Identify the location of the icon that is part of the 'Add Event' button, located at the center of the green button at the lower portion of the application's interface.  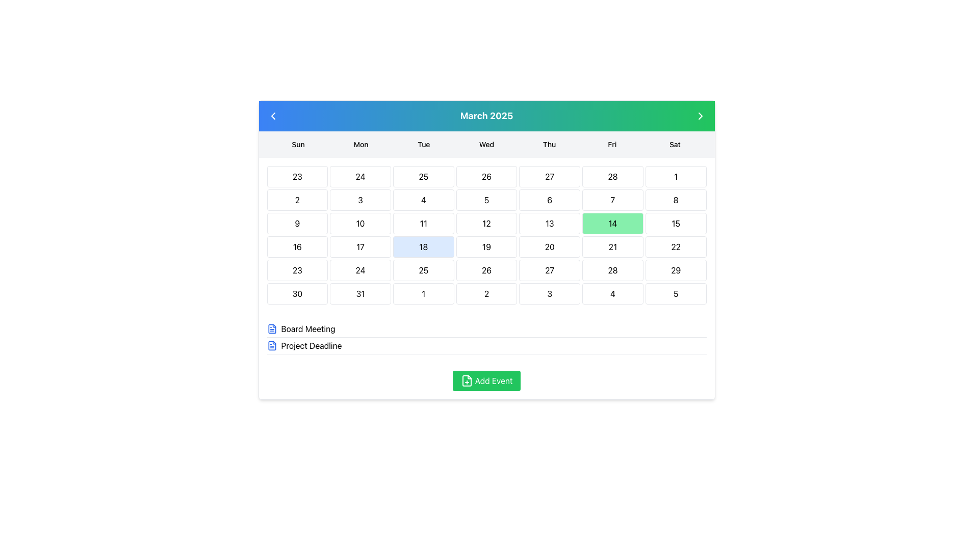
(466, 381).